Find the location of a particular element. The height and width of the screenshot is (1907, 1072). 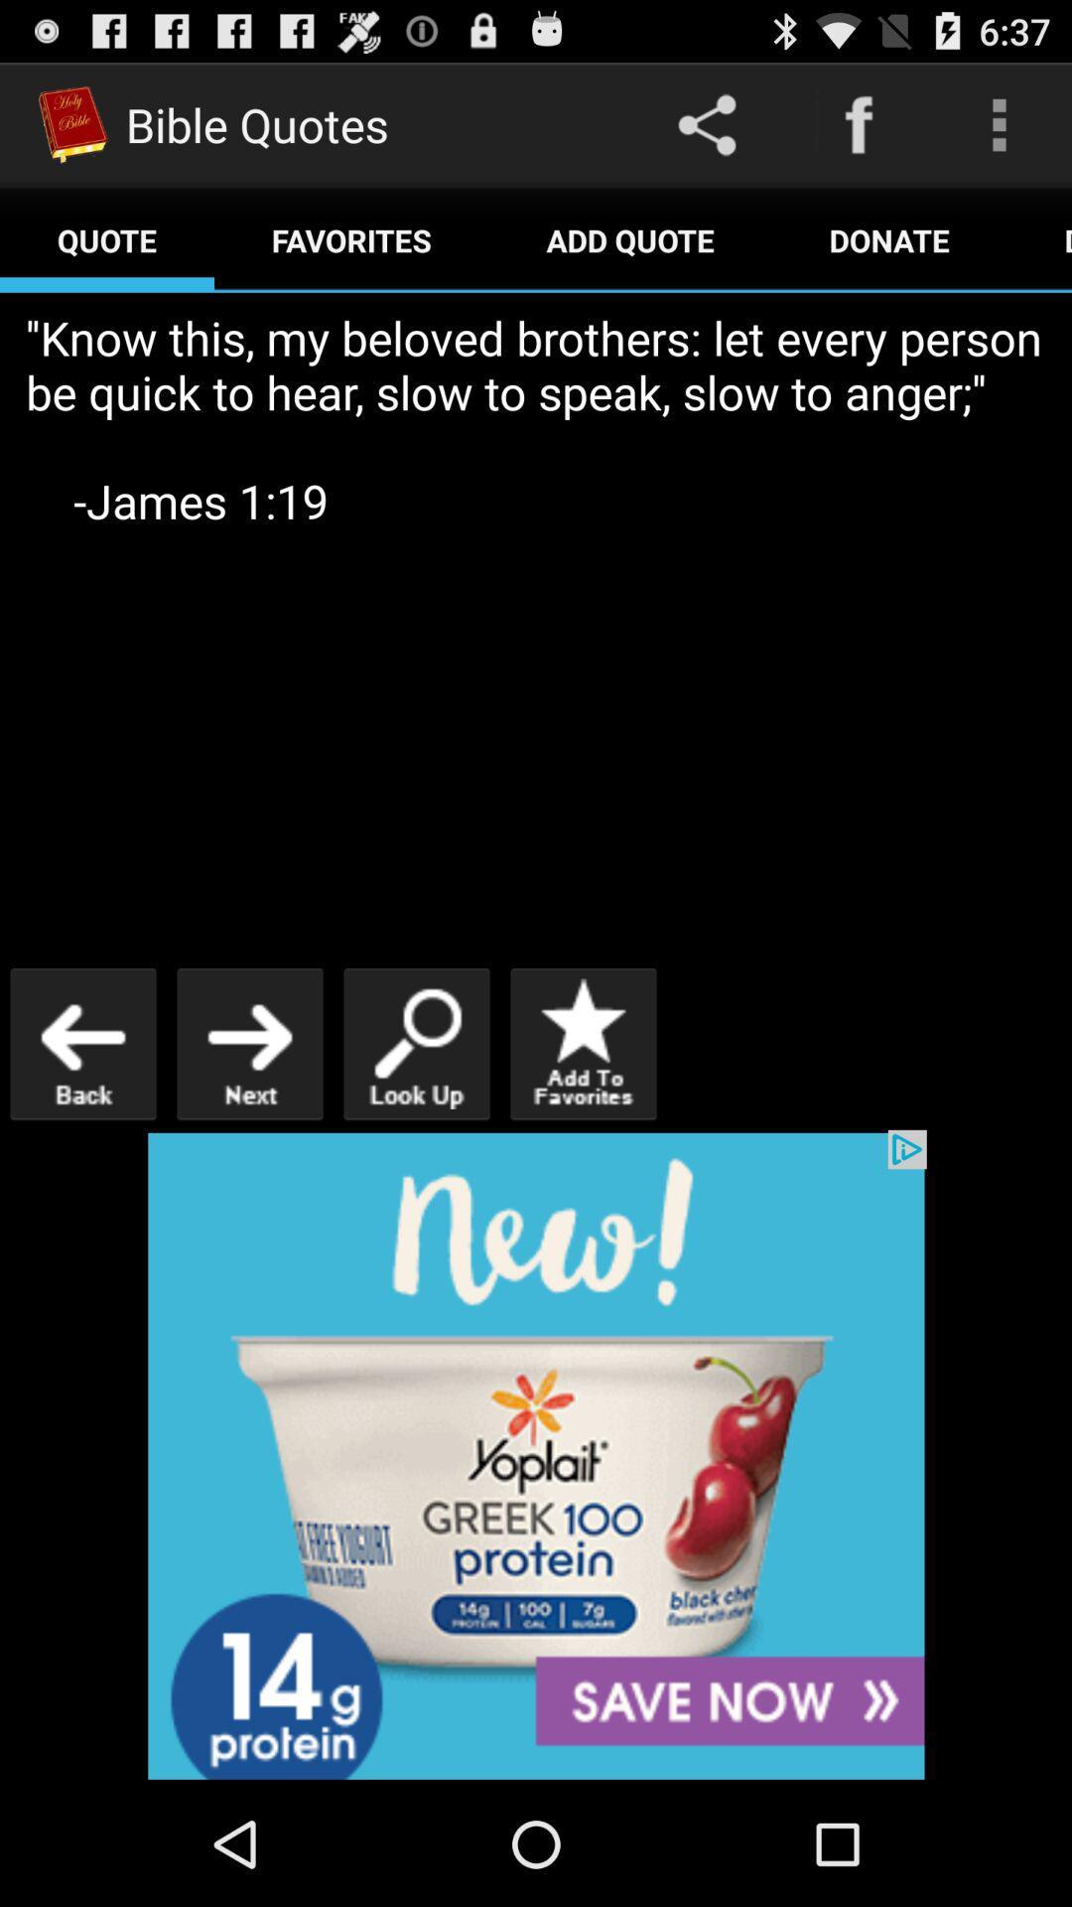

search for a quote is located at coordinates (416, 1043).